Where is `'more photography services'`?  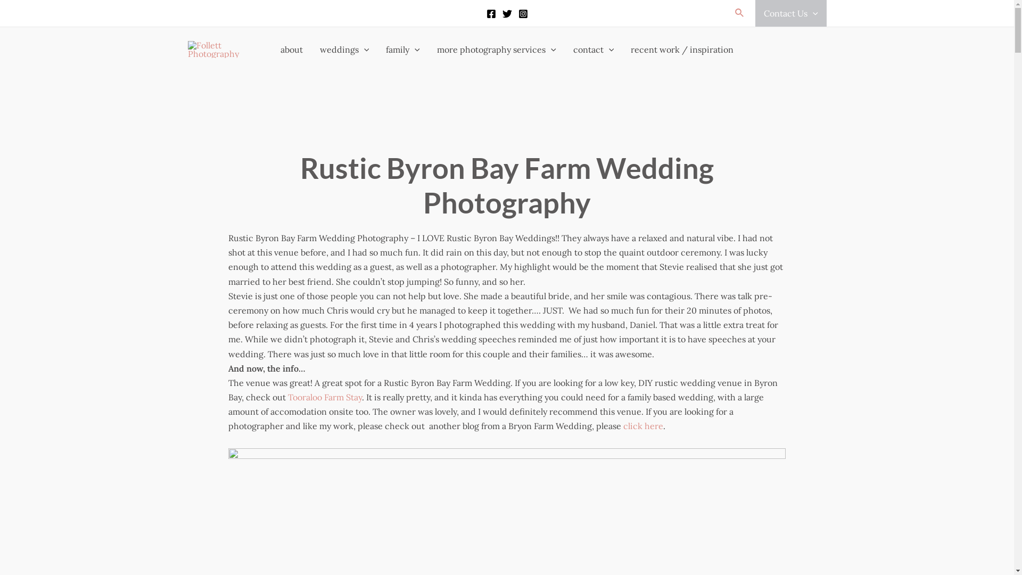
'more photography services' is located at coordinates (428, 49).